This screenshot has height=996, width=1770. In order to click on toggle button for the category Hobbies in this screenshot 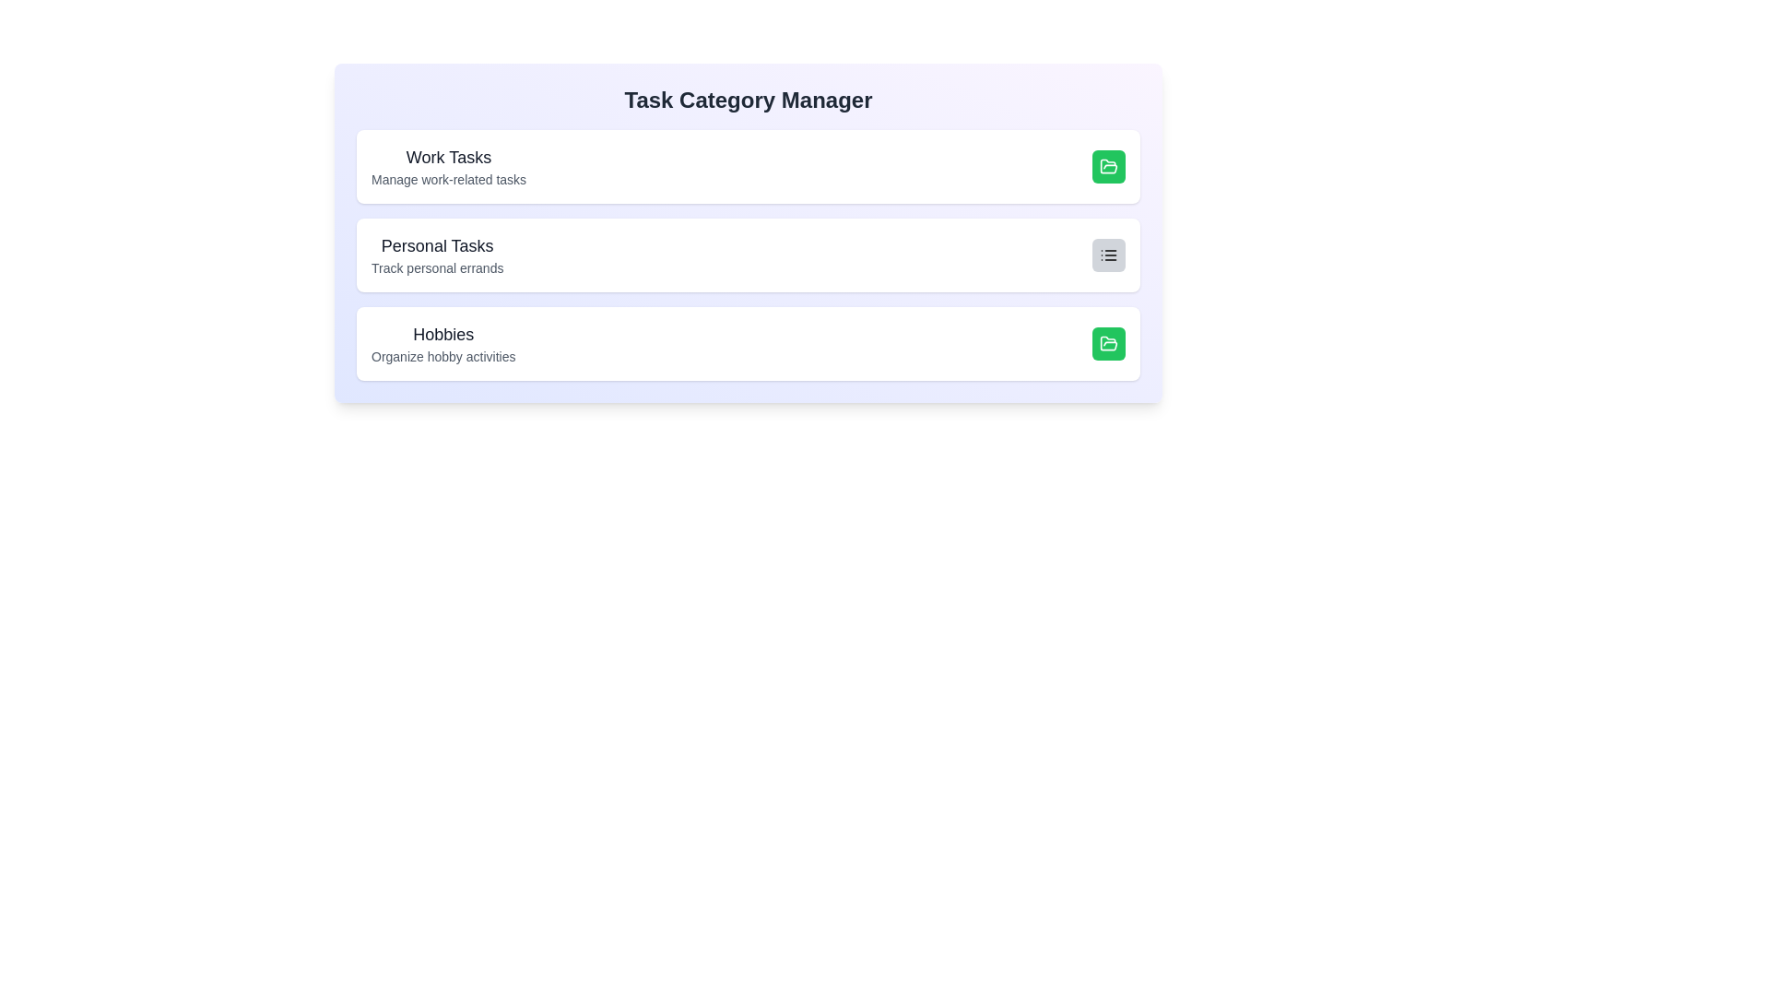, I will do `click(1108, 344)`.